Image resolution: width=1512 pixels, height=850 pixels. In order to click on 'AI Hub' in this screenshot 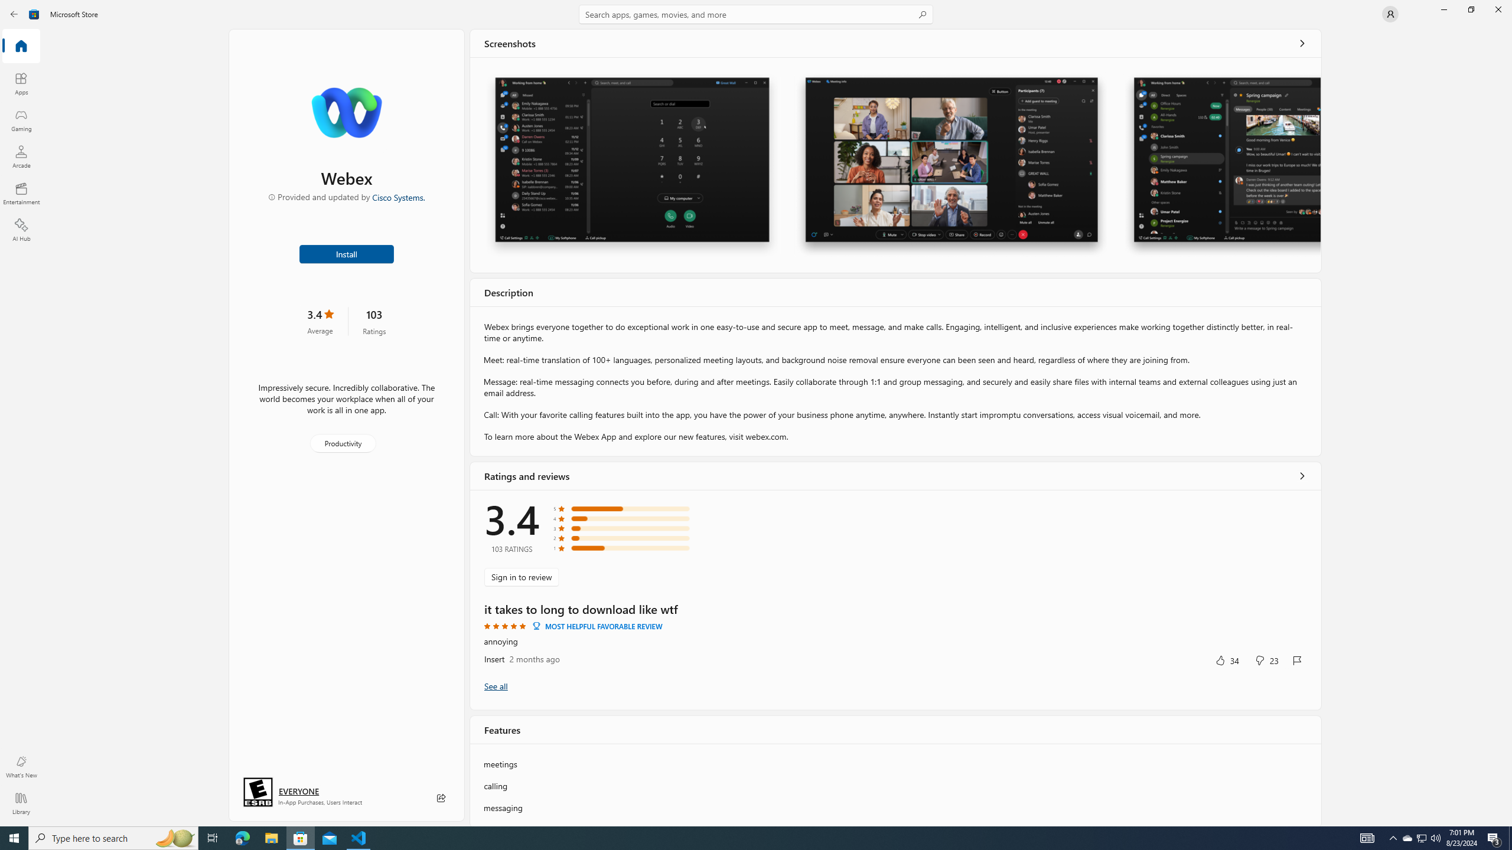, I will do `click(20, 229)`.